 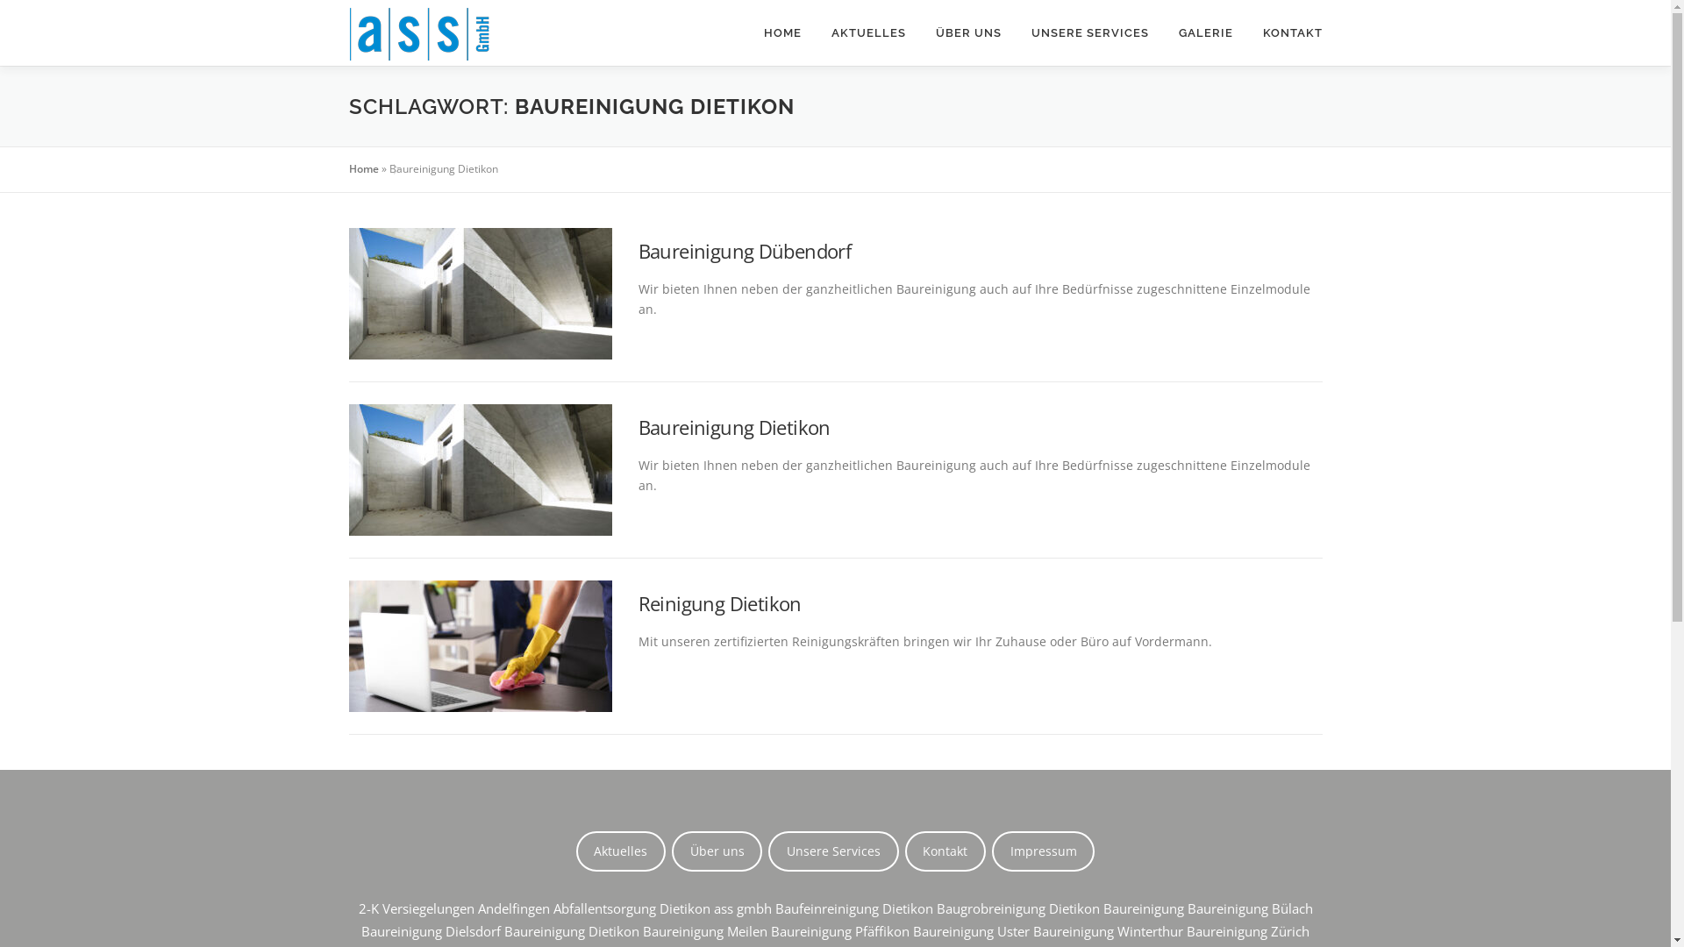 What do you see at coordinates (1107, 929) in the screenshot?
I see `'Baureinigung Winterthur'` at bounding box center [1107, 929].